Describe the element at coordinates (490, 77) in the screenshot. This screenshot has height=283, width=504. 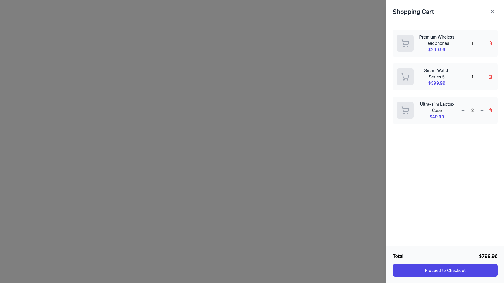
I see `the trash bin icon button associated with the 'Smart Watch Series 5' in the shopping cart to indicate interactivity` at that location.